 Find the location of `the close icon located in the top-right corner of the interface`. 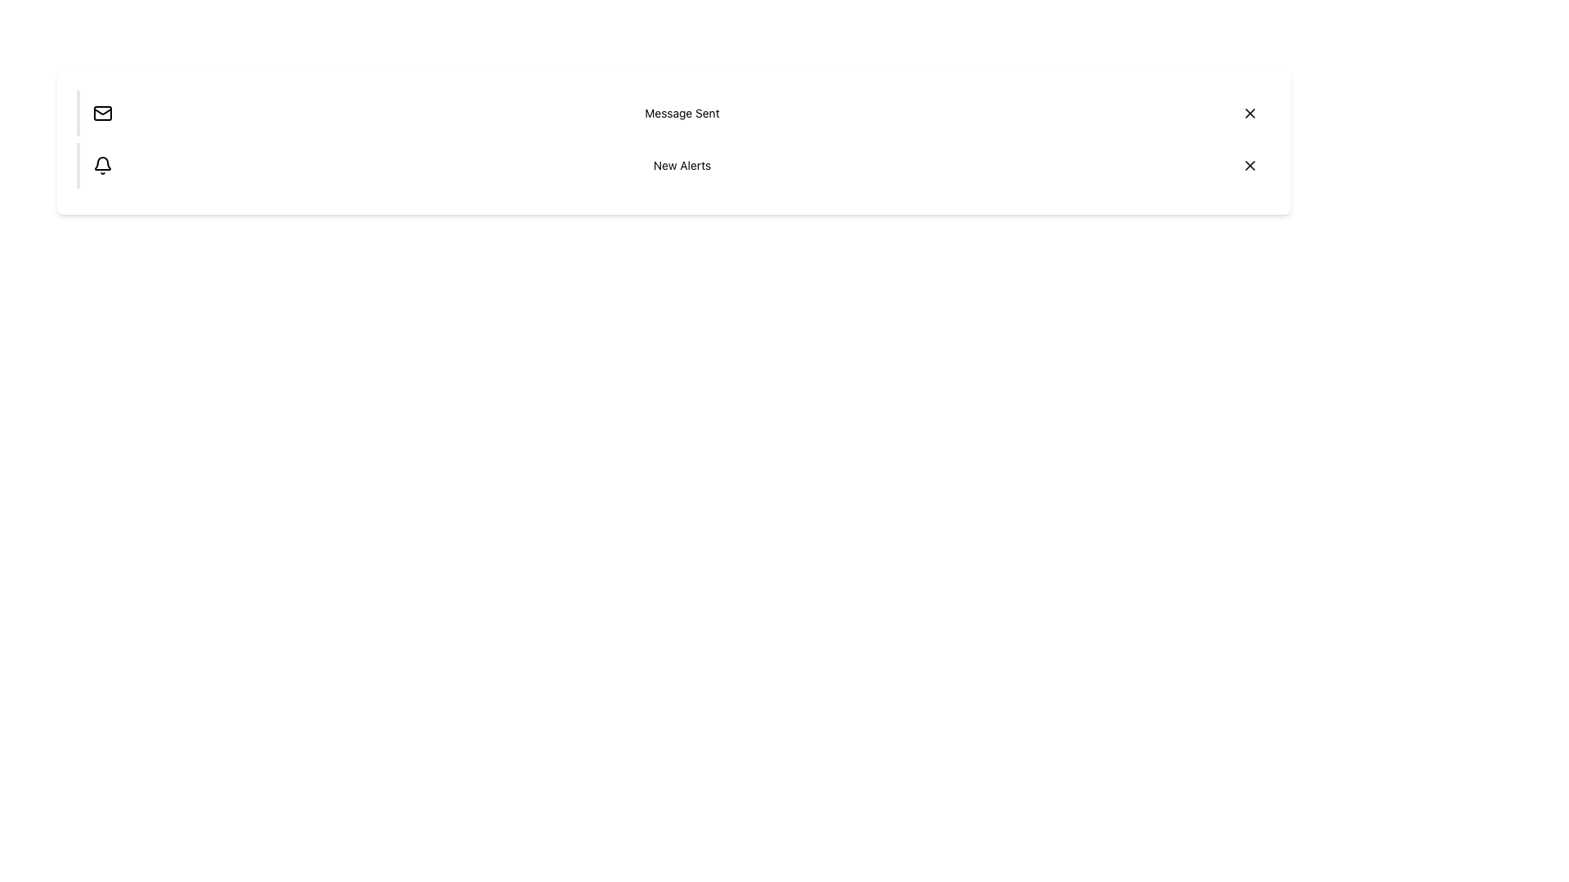

the close icon located in the top-right corner of the interface is located at coordinates (1249, 166).